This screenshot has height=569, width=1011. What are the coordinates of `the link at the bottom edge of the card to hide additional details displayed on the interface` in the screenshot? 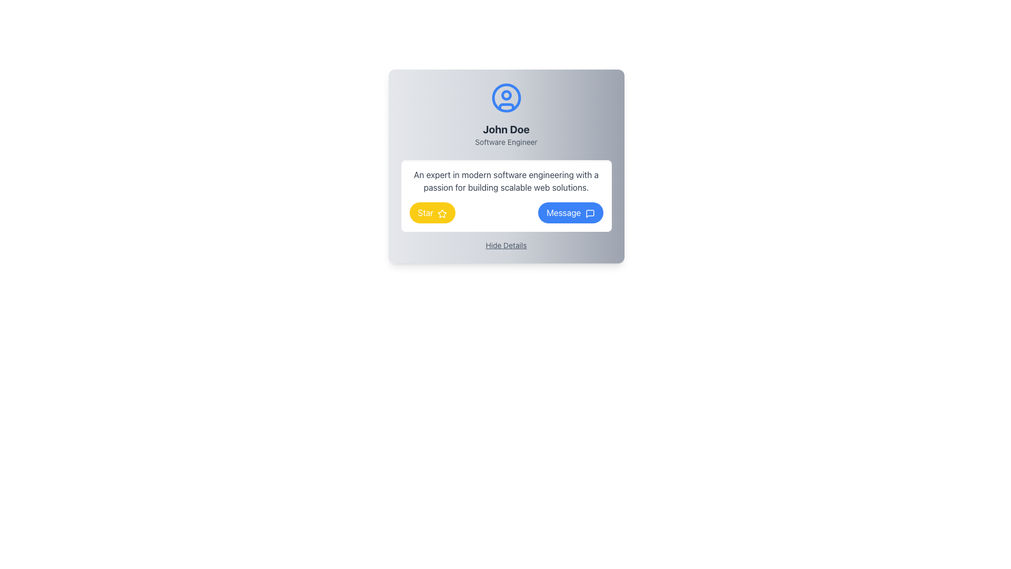 It's located at (506, 246).